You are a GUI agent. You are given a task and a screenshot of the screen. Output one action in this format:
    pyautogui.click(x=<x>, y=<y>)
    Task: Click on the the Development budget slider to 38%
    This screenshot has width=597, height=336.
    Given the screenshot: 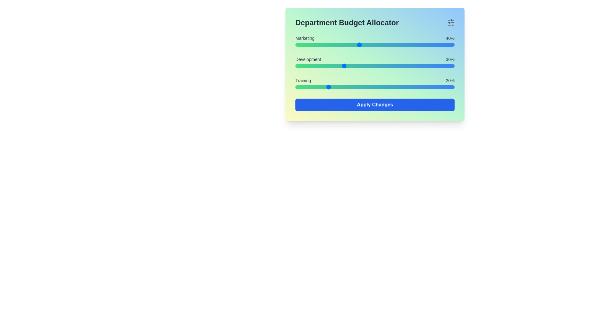 What is the action you would take?
    pyautogui.click(x=356, y=66)
    